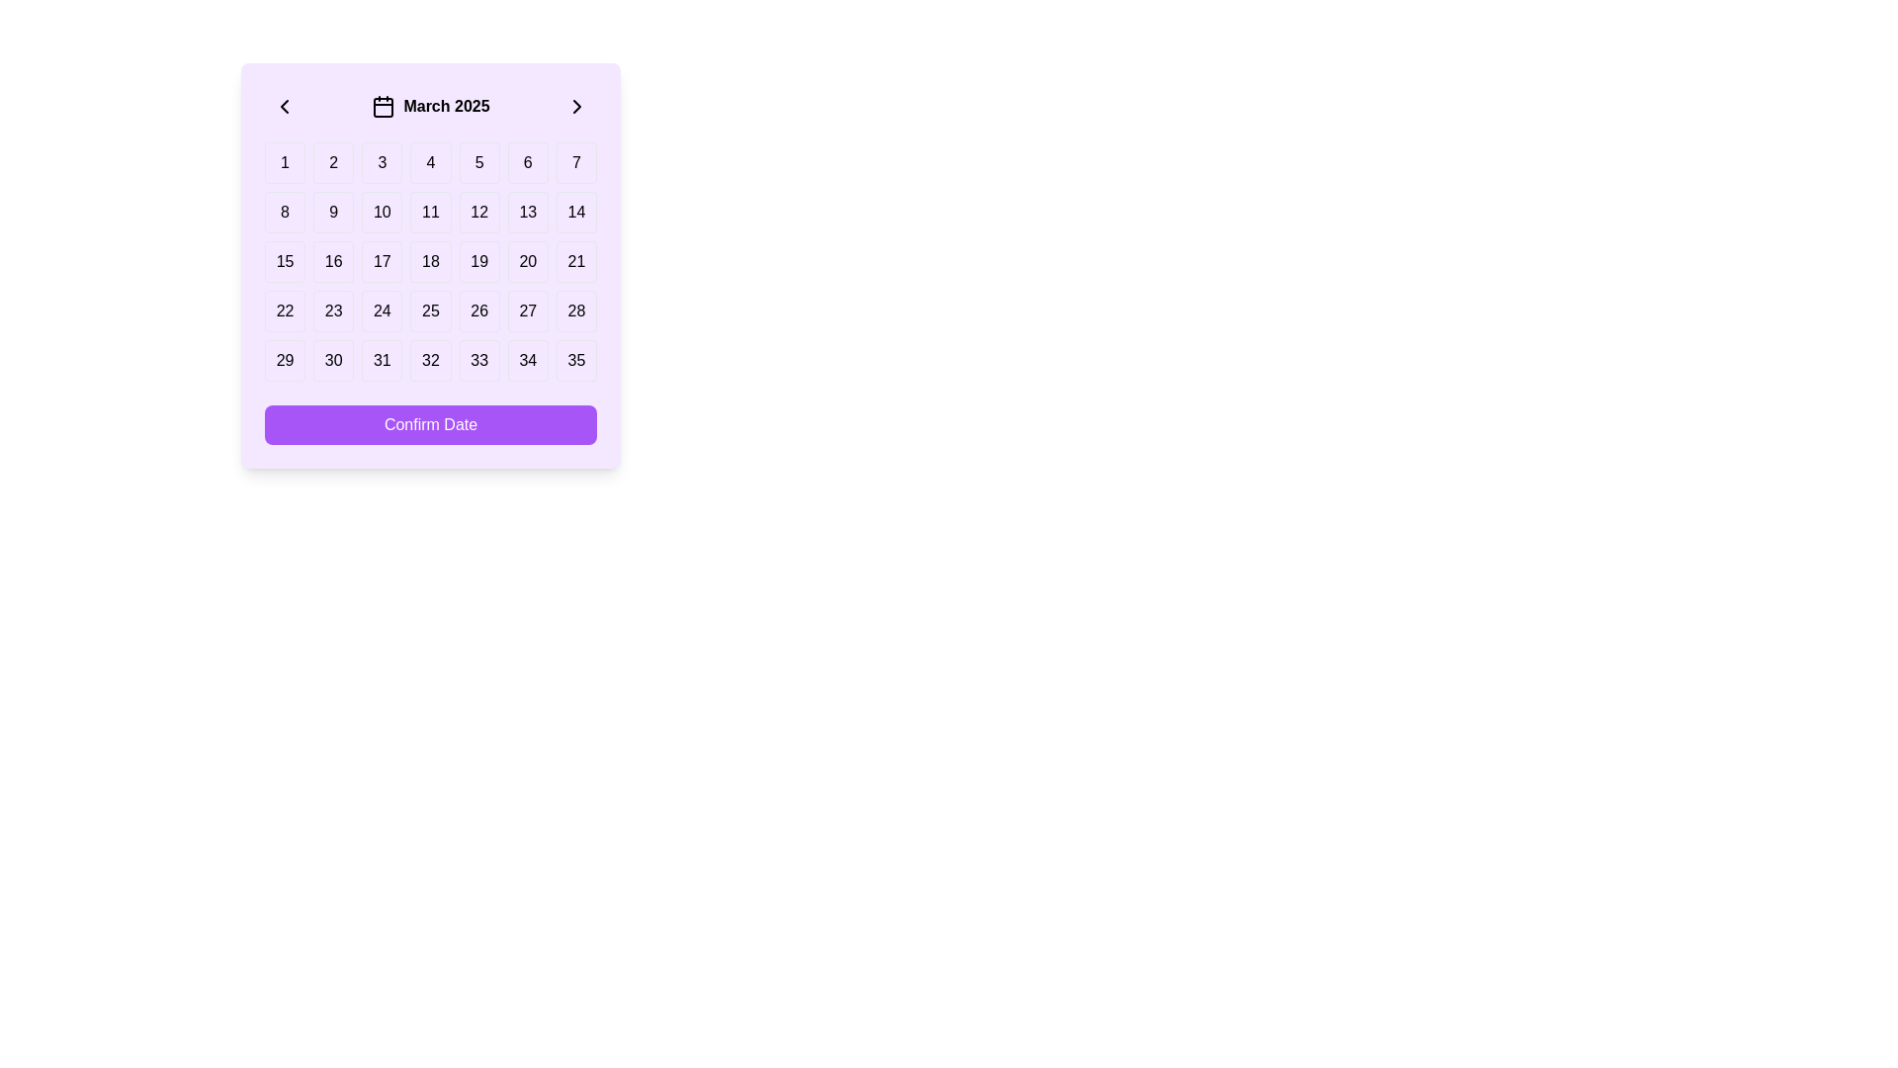 Image resolution: width=1898 pixels, height=1068 pixels. What do you see at coordinates (430, 361) in the screenshot?
I see `the Text Display Box containing the number '32', which is styled with a light-colored background and rounded corners, located in the fifth row and fourth column of a 7-column grid layout` at bounding box center [430, 361].